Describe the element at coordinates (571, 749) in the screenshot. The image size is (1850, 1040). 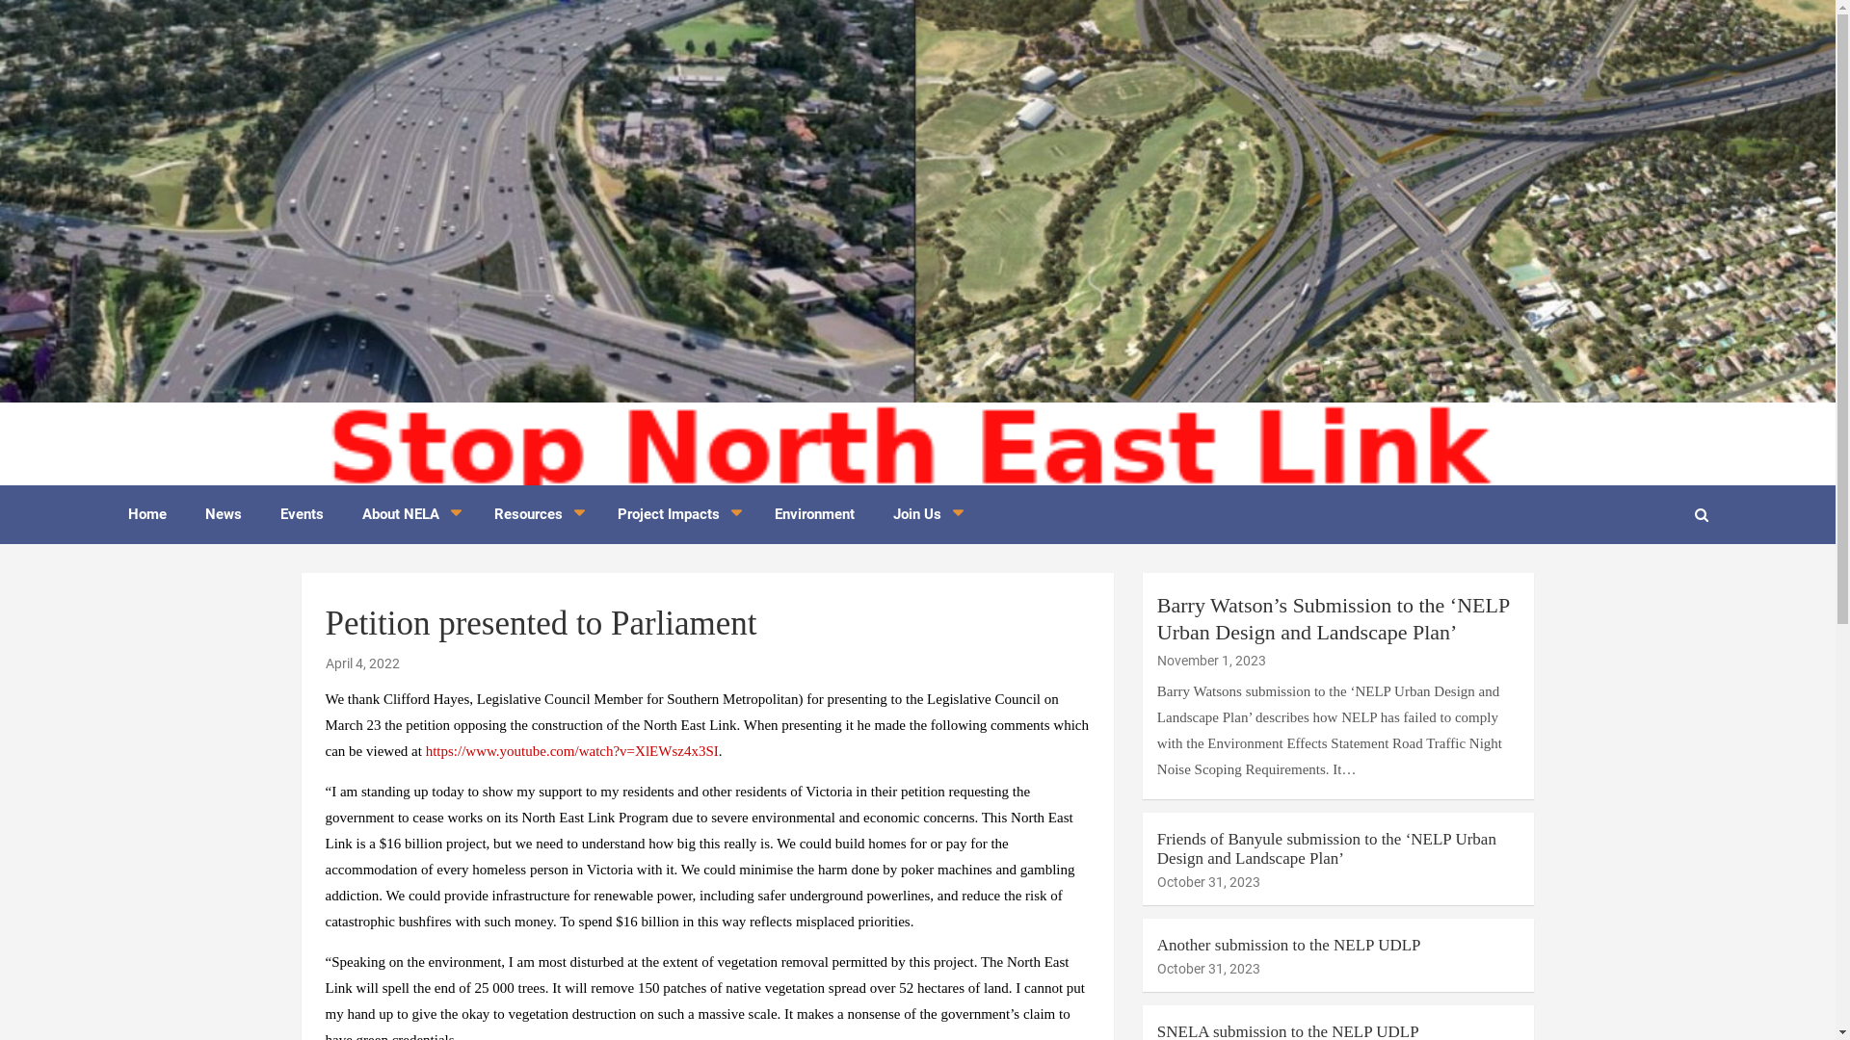
I see `'https://www.youtube.com/watch?v=XlEWsz4x3SI'` at that location.